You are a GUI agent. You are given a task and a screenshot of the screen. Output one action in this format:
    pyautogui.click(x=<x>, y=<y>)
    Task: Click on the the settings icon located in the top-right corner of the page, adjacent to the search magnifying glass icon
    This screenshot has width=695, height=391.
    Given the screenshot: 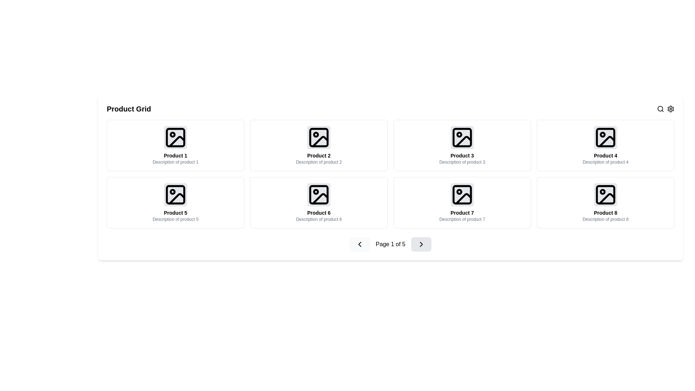 What is the action you would take?
    pyautogui.click(x=670, y=109)
    